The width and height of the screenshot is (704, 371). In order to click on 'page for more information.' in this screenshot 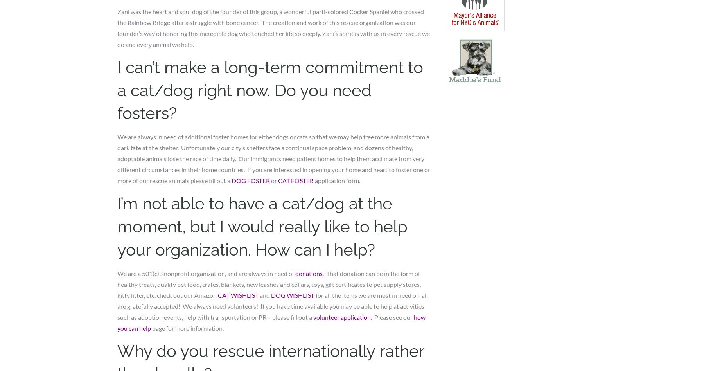, I will do `click(151, 327)`.